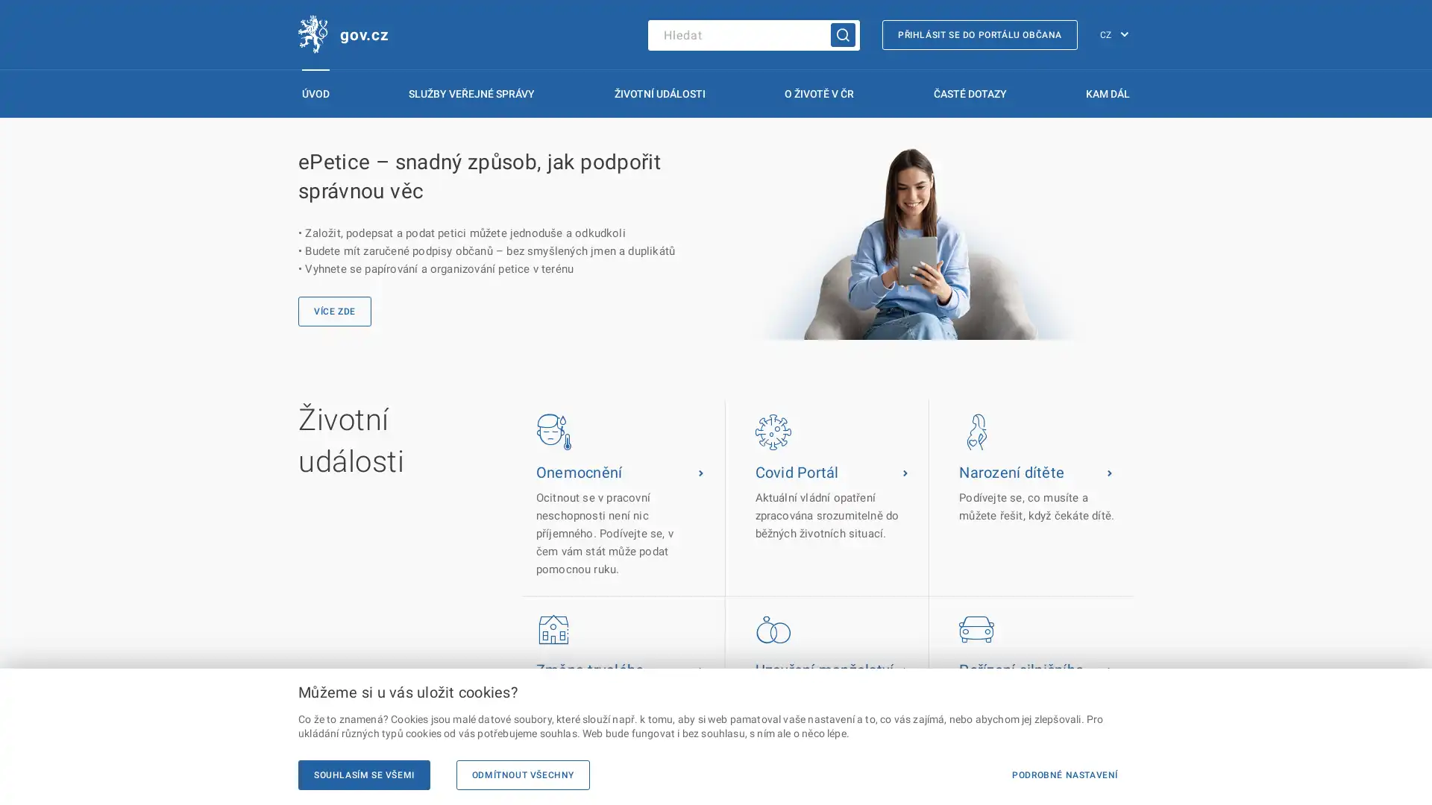 Image resolution: width=1432 pixels, height=805 pixels. Describe the element at coordinates (364, 774) in the screenshot. I see `SOUHLASIM SE VSEMI` at that location.